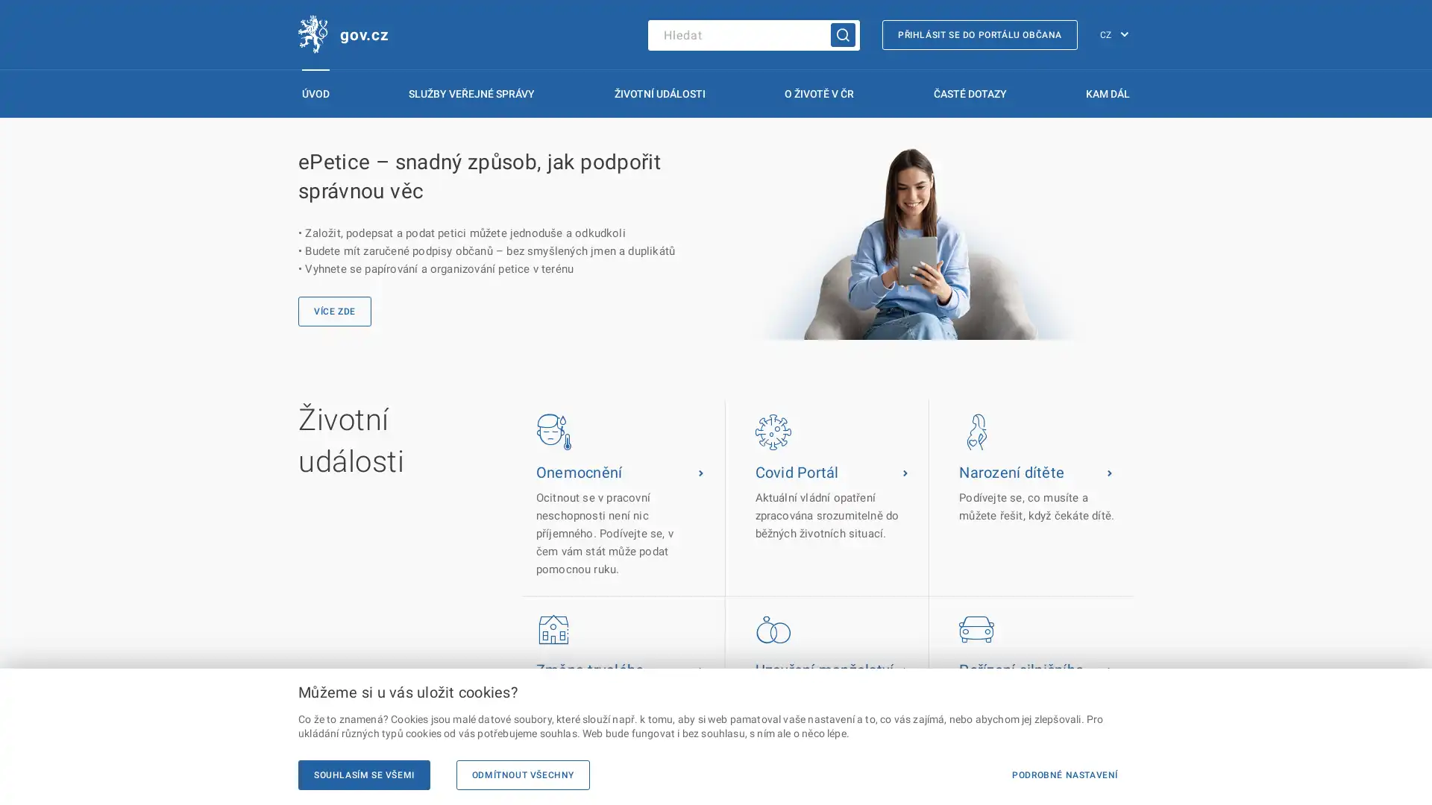 Image resolution: width=1432 pixels, height=805 pixels. Describe the element at coordinates (364, 774) in the screenshot. I see `SOUHLASIM SE VSEMI` at that location.